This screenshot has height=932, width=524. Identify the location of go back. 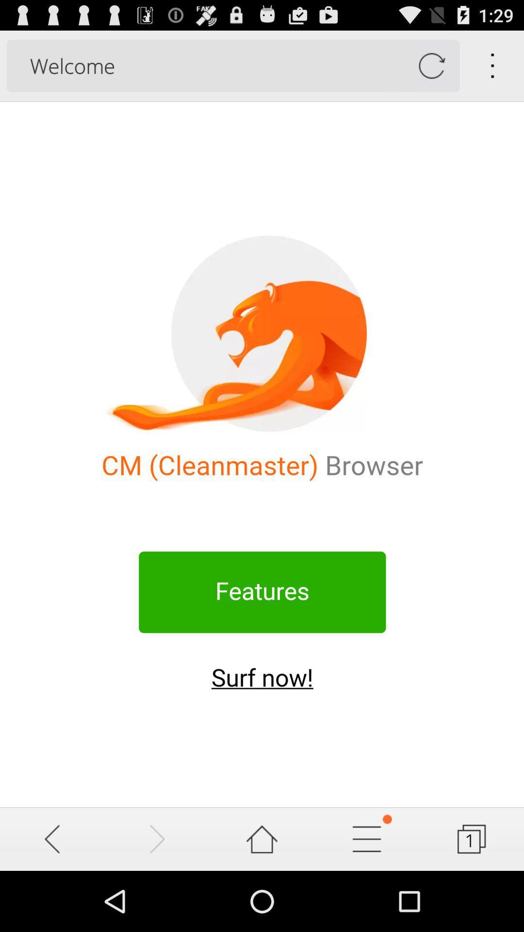
(52, 838).